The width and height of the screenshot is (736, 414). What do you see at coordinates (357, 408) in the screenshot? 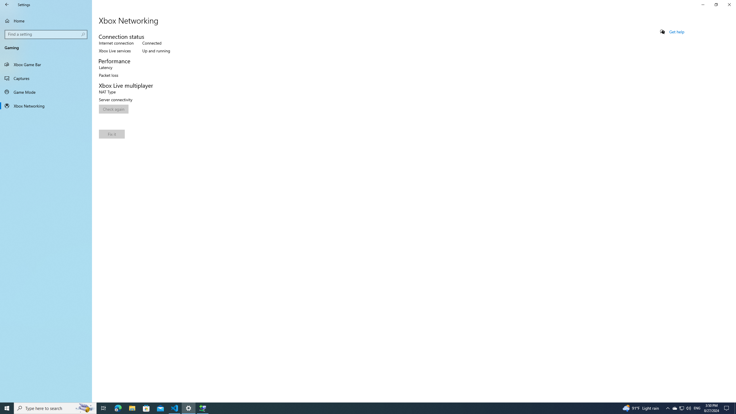
I see `'Running applications'` at bounding box center [357, 408].